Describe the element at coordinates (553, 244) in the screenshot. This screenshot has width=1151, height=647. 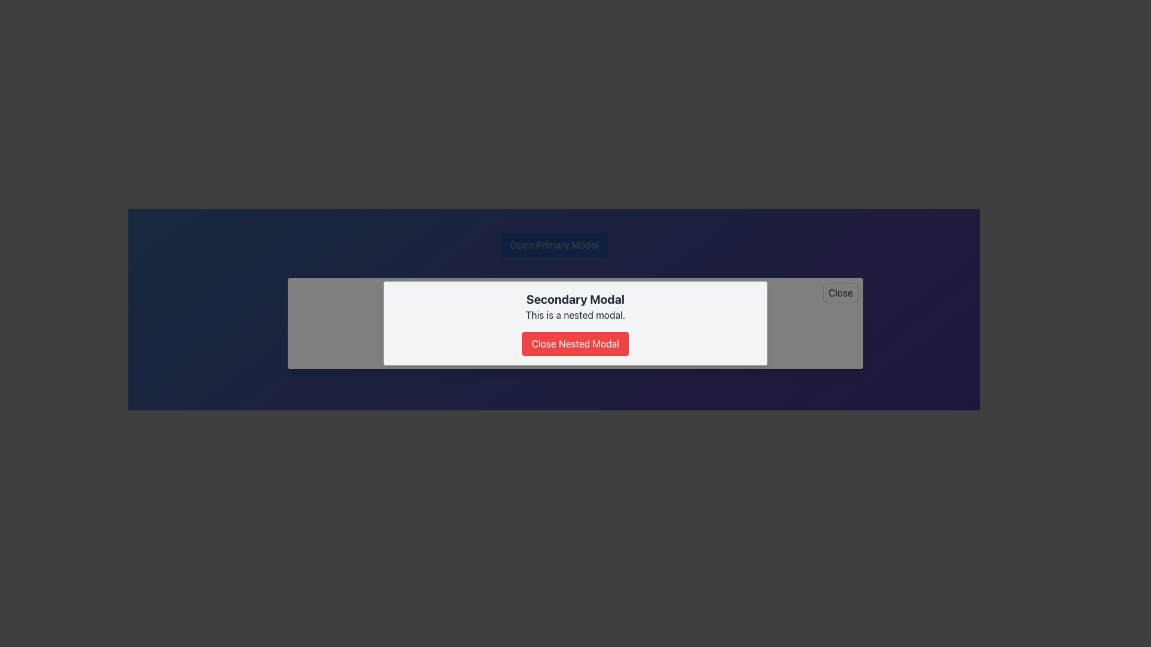
I see `the 'Open Primary Modal' button to observe the hover effect, which darkens its blue background` at that location.